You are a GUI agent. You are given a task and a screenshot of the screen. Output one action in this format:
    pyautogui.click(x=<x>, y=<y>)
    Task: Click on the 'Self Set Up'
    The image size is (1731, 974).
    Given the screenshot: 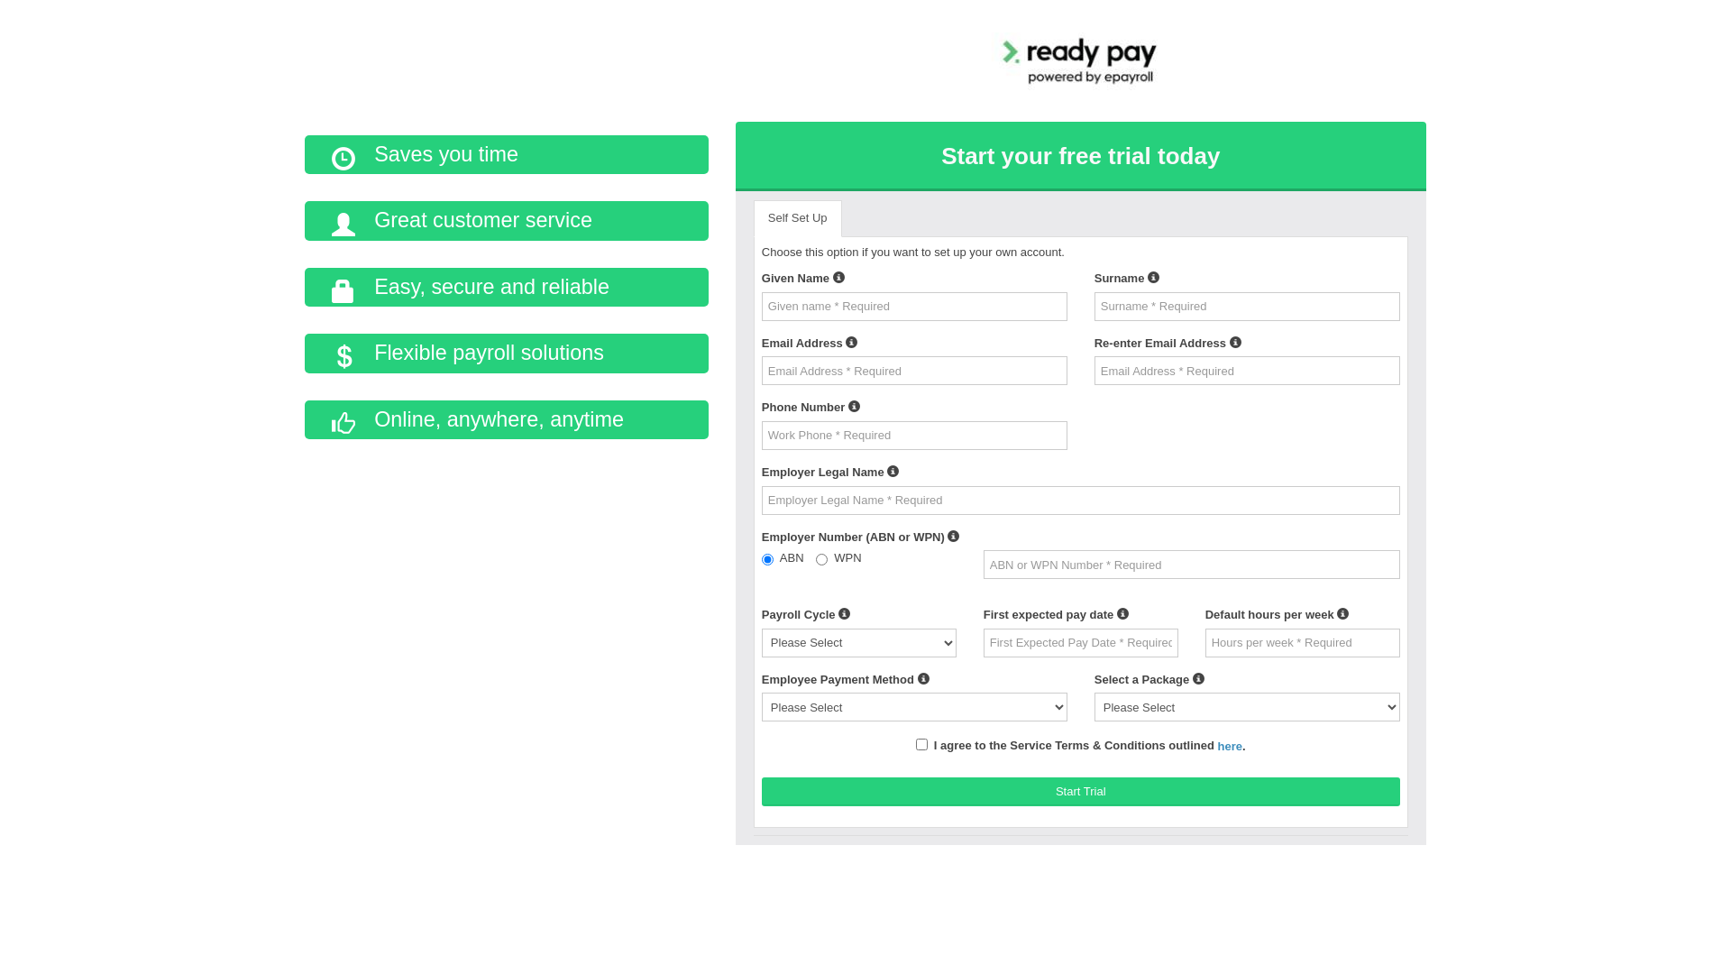 What is the action you would take?
    pyautogui.click(x=796, y=217)
    